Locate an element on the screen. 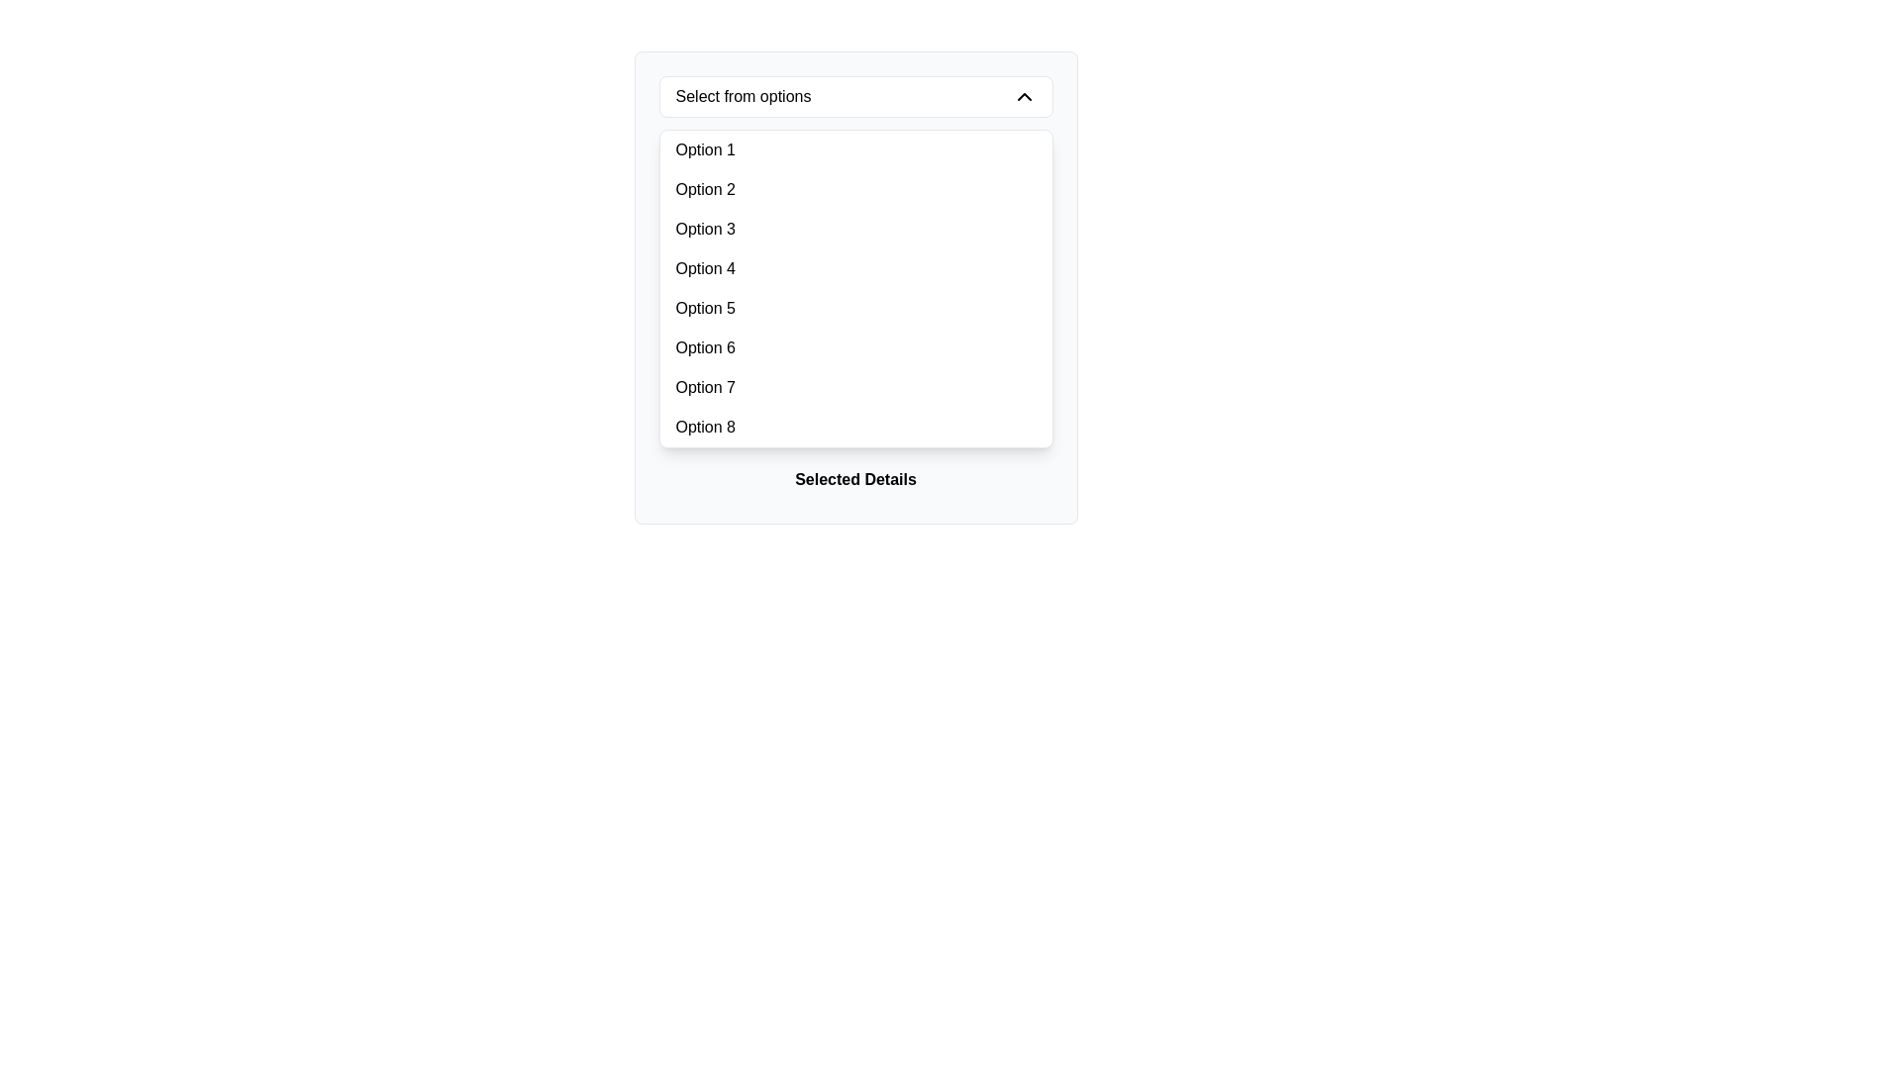  the second option labeled 'Option 2' in the dropdown menu is located at coordinates (855, 190).